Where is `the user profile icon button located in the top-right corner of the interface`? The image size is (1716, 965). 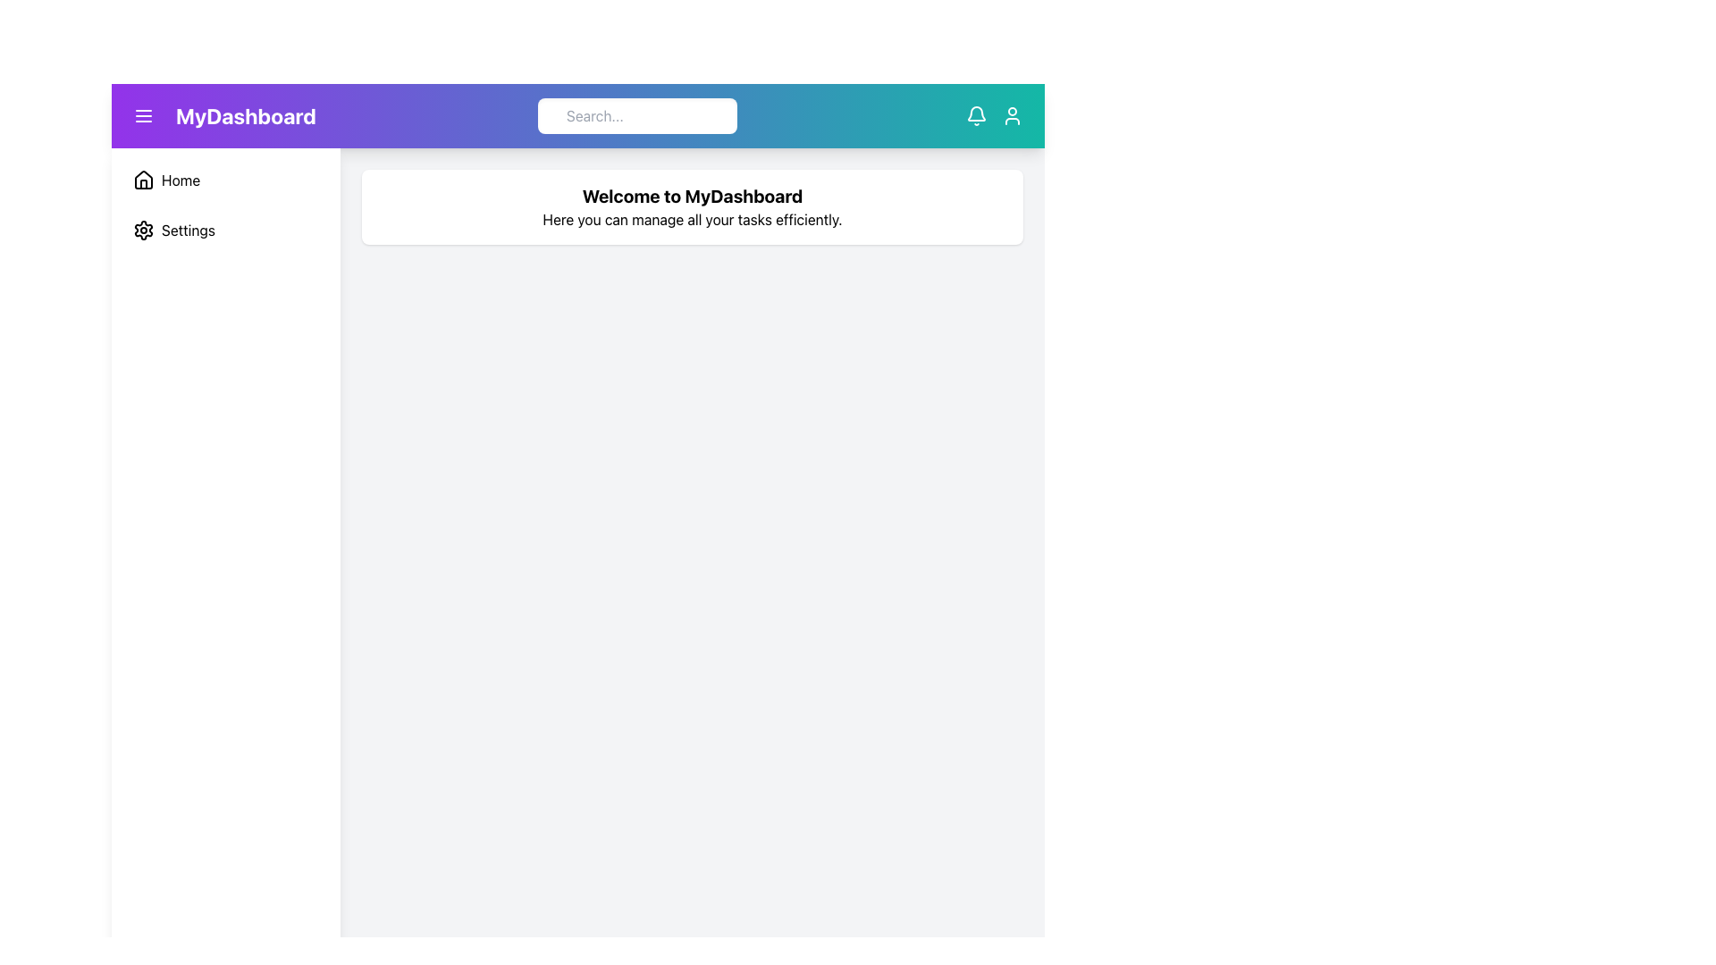 the user profile icon button located in the top-right corner of the interface is located at coordinates (1012, 116).